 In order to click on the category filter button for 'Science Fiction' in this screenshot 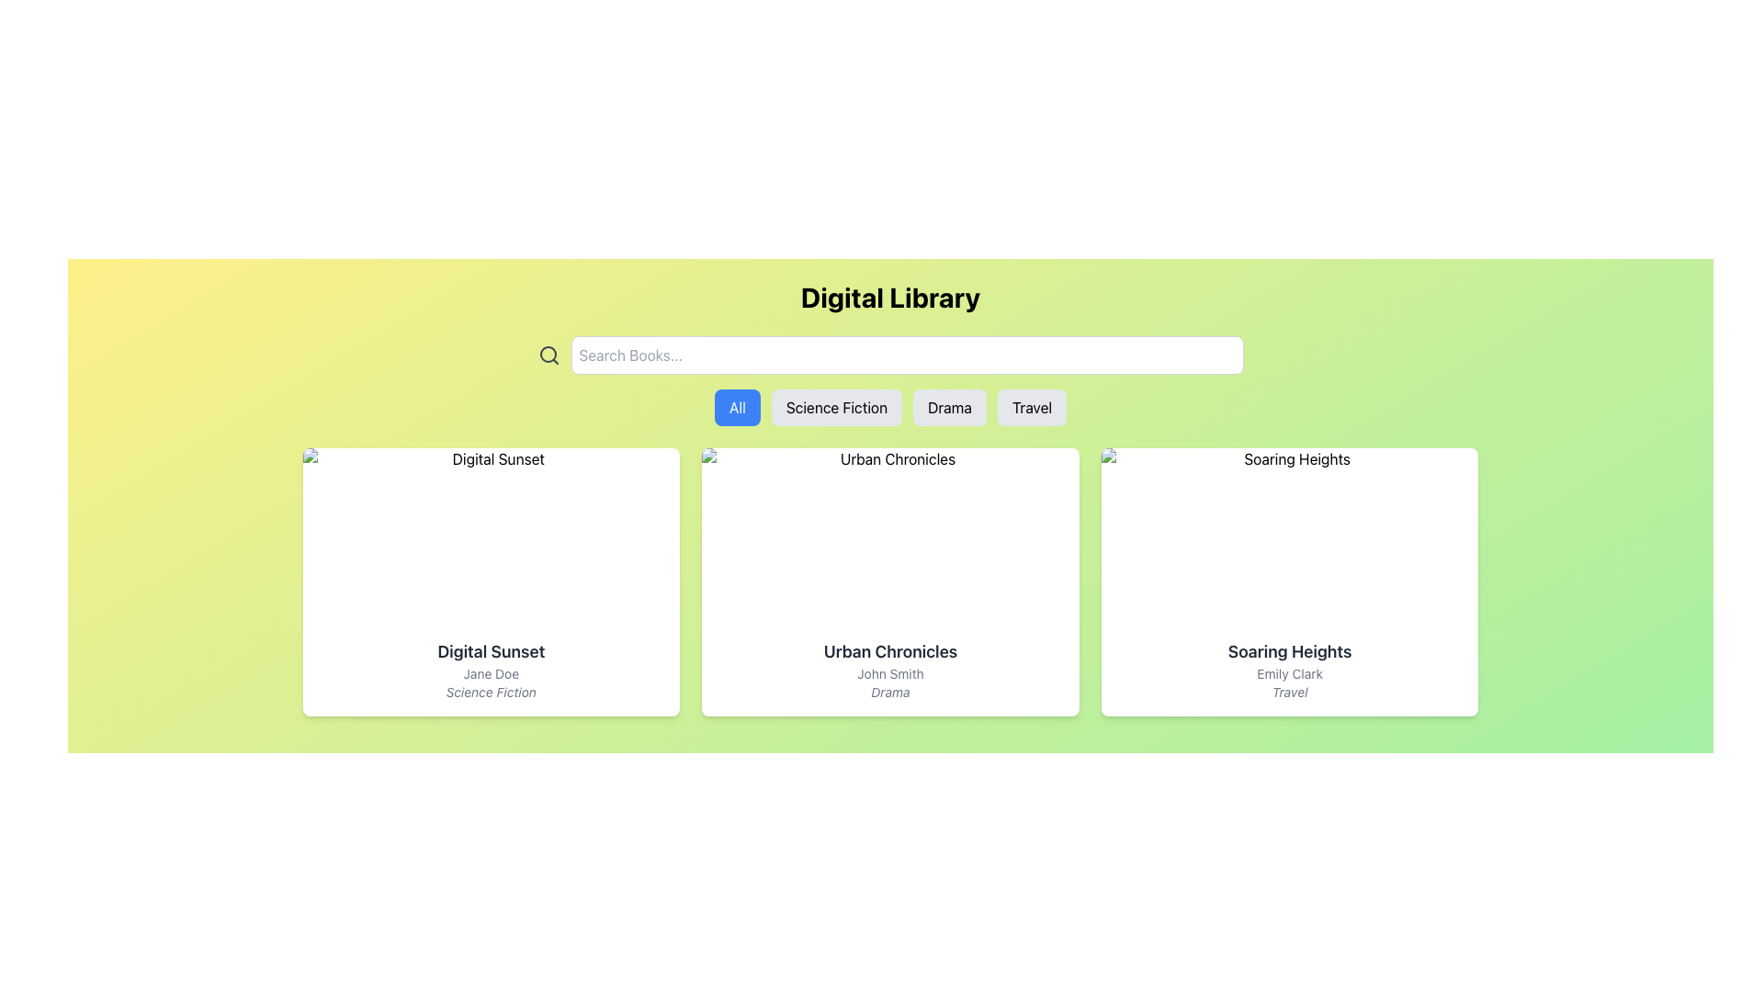, I will do `click(836, 406)`.